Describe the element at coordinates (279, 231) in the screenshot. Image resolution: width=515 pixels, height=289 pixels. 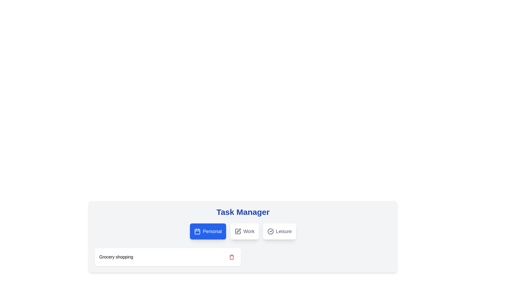
I see `the 'Leisure' button with a white background and gray text` at that location.